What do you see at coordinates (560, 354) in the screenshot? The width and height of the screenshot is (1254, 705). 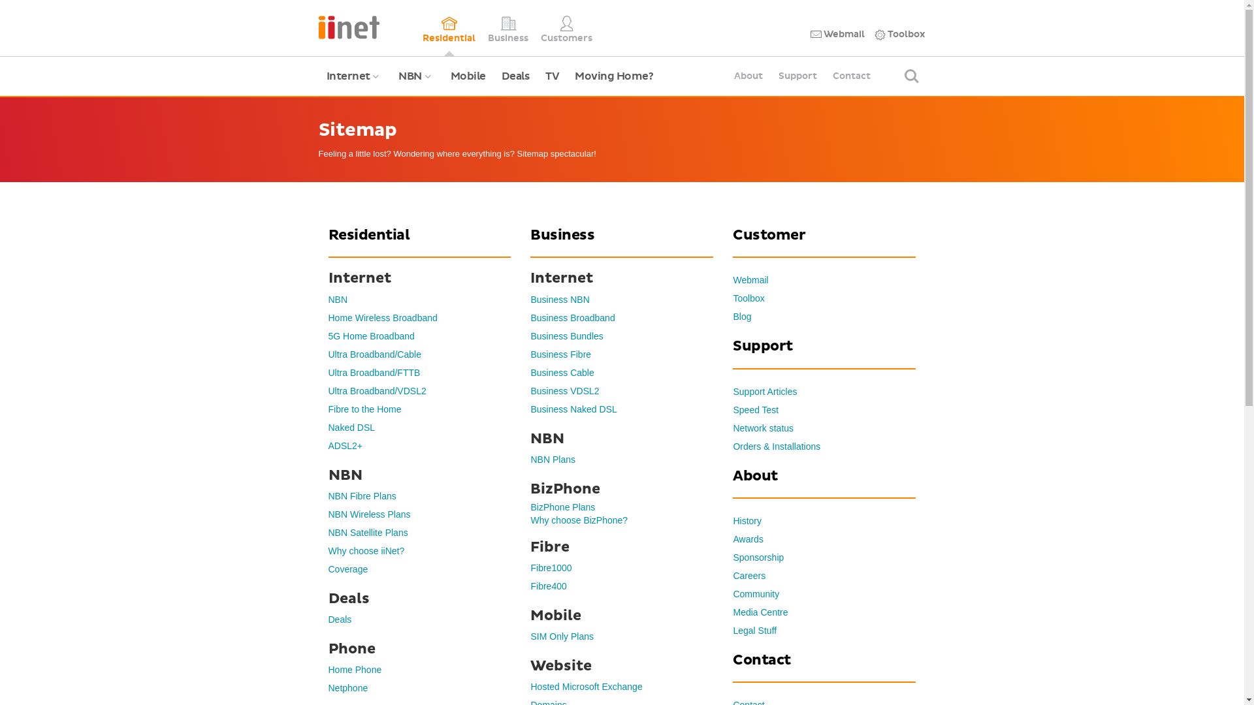 I see `'Business Fibre'` at bounding box center [560, 354].